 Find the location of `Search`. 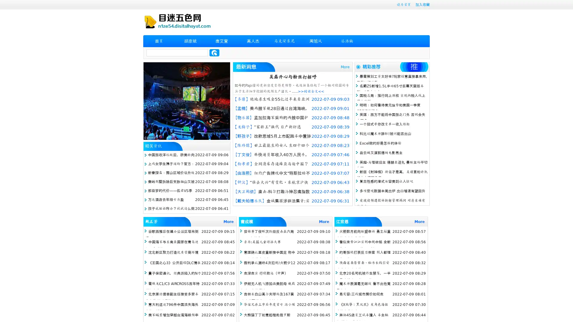

Search is located at coordinates (214, 52).